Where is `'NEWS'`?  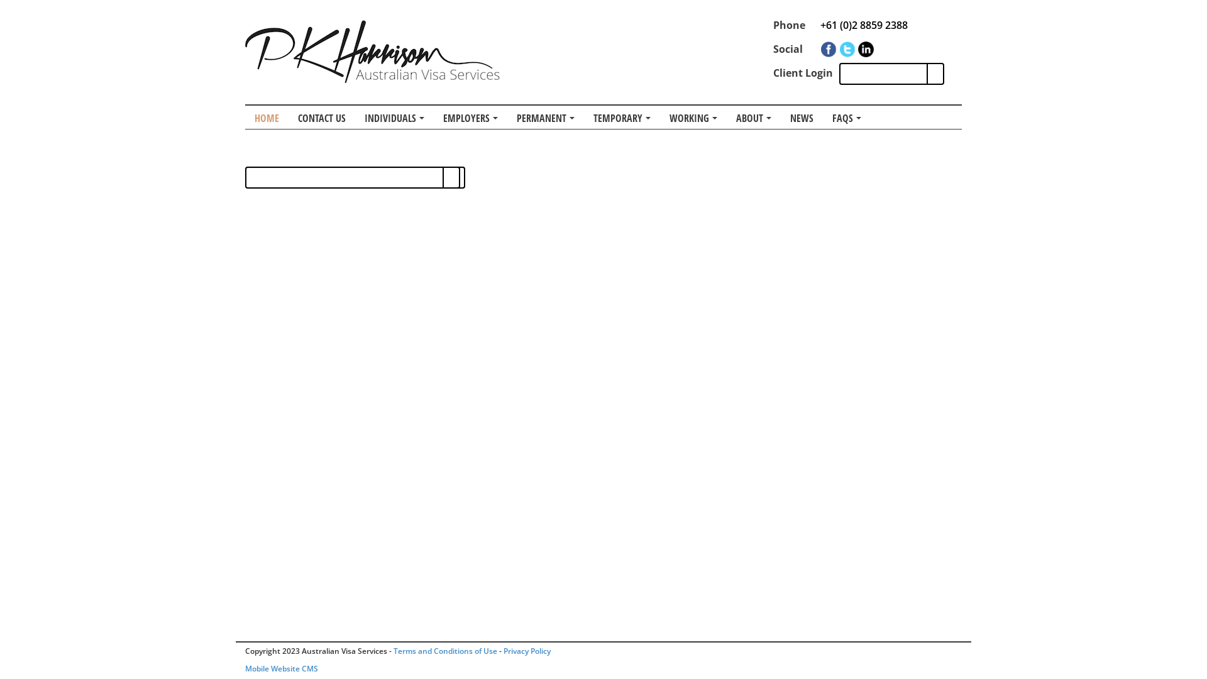
'NEWS' is located at coordinates (780, 117).